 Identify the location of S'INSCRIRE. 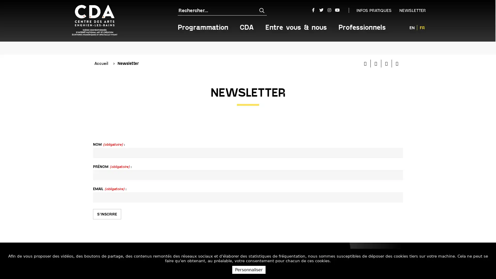
(107, 201).